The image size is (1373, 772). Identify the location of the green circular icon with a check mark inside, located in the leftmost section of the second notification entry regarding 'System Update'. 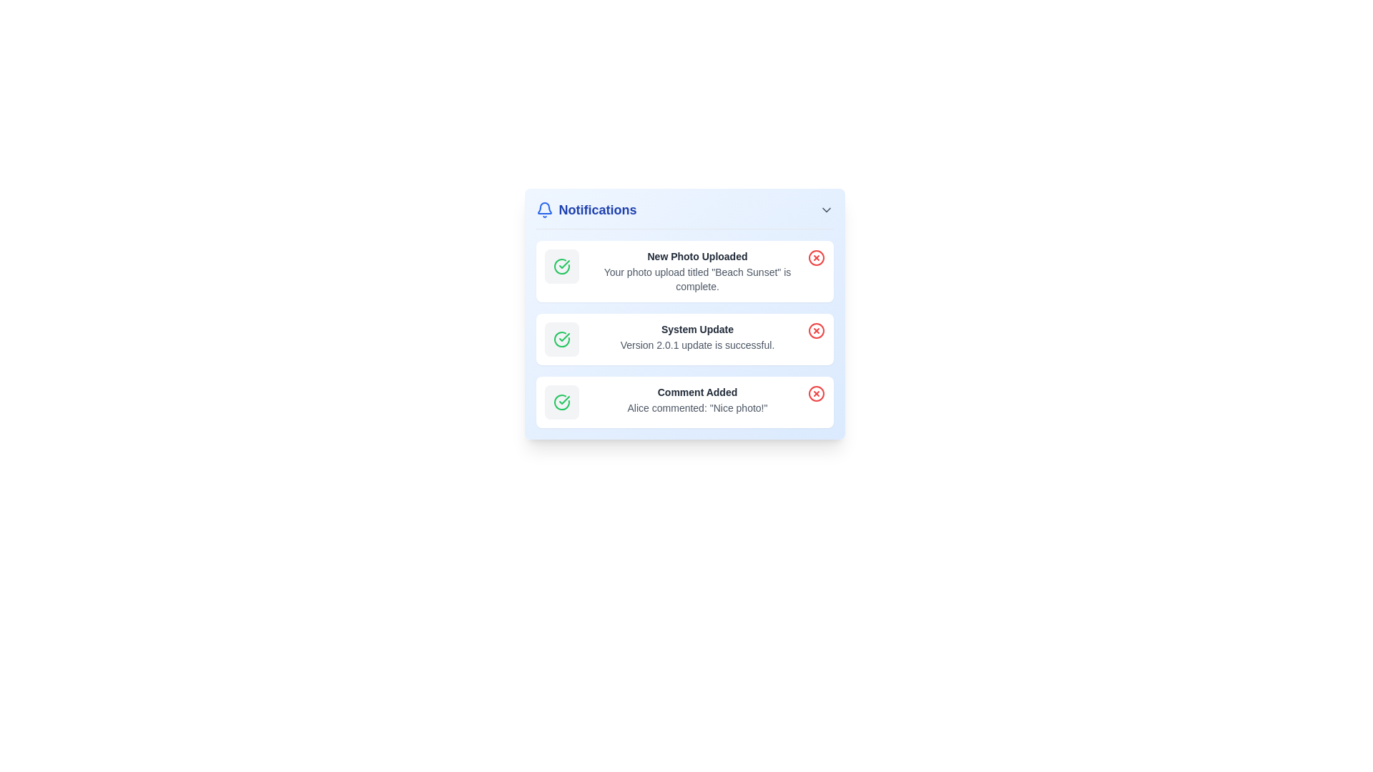
(561, 267).